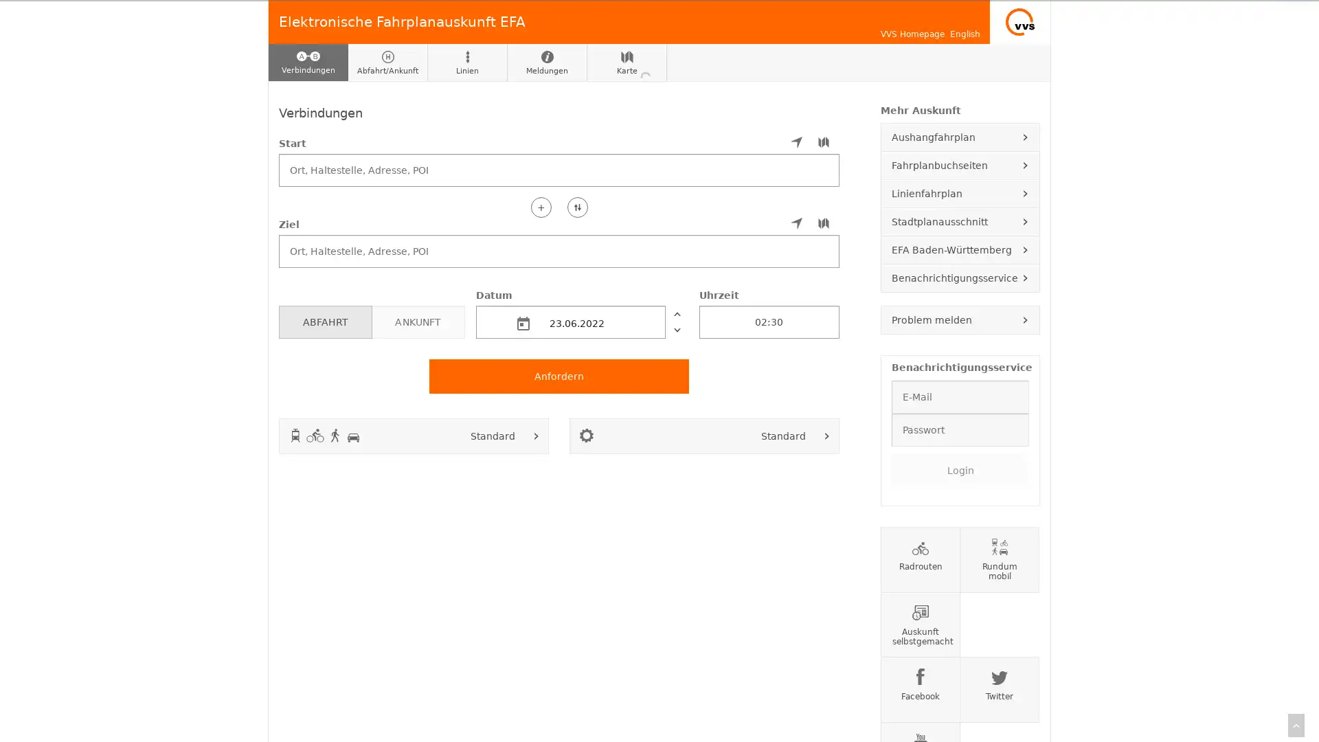 The image size is (1319, 742). Describe the element at coordinates (559, 376) in the screenshot. I see `Anfordern` at that location.